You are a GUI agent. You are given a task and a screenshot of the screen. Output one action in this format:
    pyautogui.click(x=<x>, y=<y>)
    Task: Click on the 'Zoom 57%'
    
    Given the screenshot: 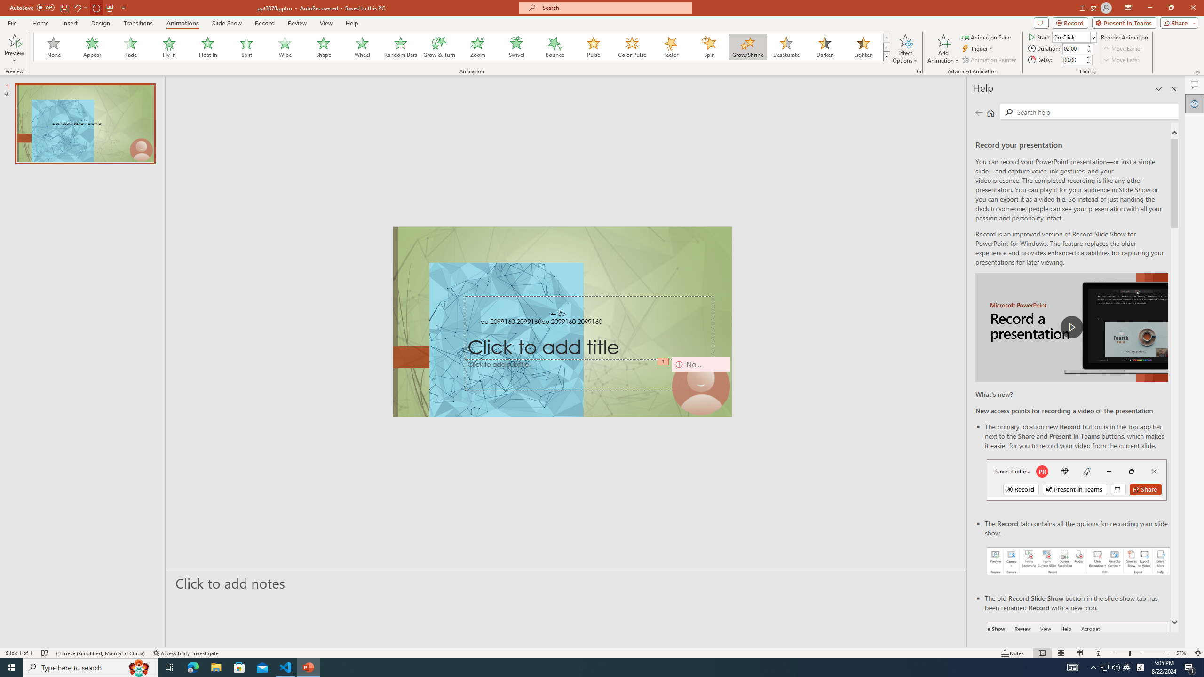 What is the action you would take?
    pyautogui.click(x=1183, y=653)
    